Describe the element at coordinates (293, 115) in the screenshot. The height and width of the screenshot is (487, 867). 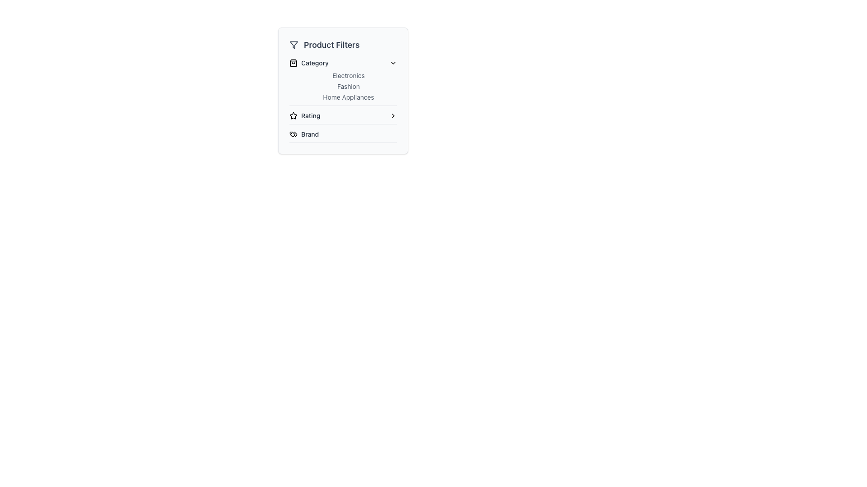
I see `the star icon representing the rating feature located in the 'Product Filters' widget, beneath the 'Category' title and above the 'Brand' title` at that location.